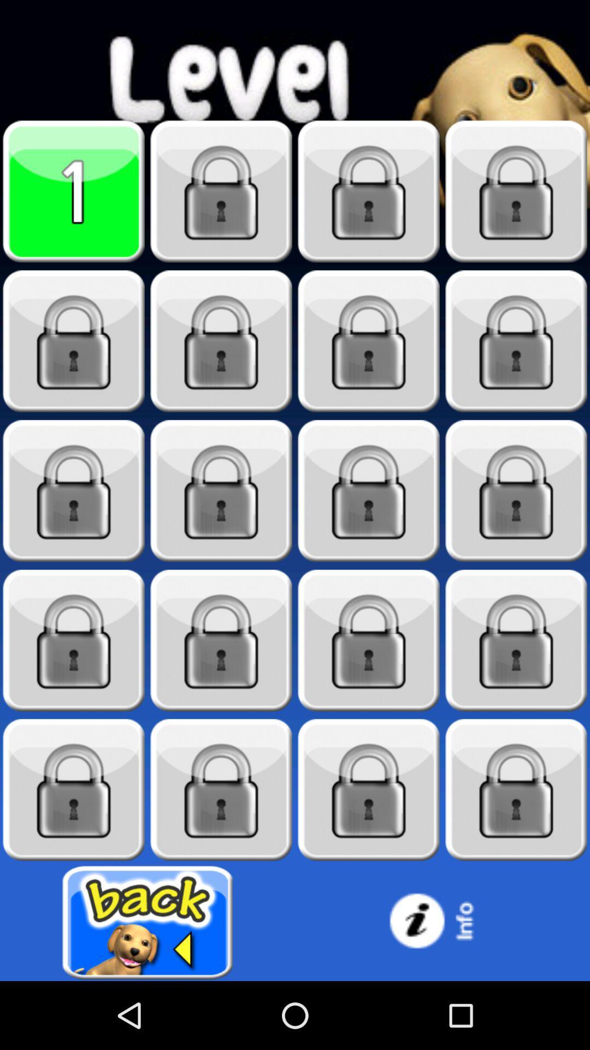 This screenshot has height=1050, width=590. I want to click on locked level on game, so click(369, 191).